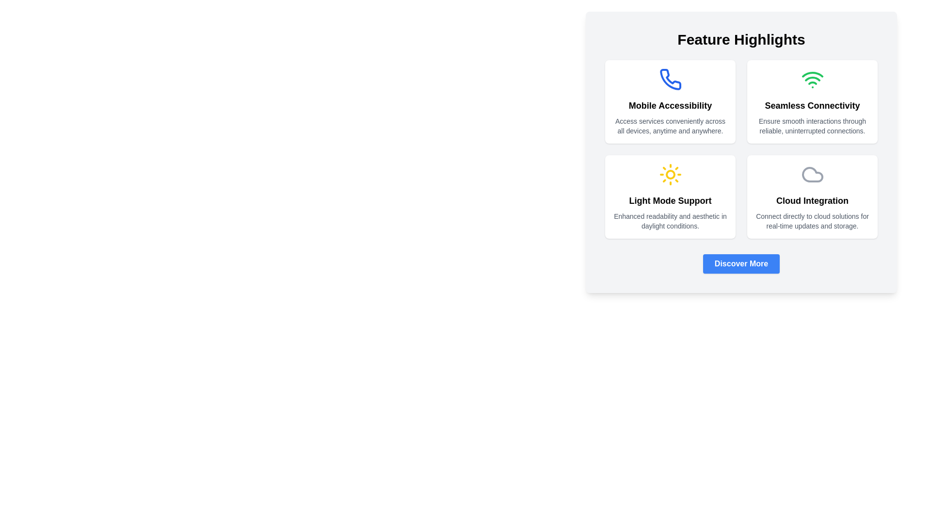 This screenshot has height=524, width=931. Describe the element at coordinates (670, 196) in the screenshot. I see `the Informational card that conveys information about light mode support, located in the third position of the grid under 'Feature Highlights', beneath 'Mobile Accessibility' and to the left of 'Cloud Integration'` at that location.